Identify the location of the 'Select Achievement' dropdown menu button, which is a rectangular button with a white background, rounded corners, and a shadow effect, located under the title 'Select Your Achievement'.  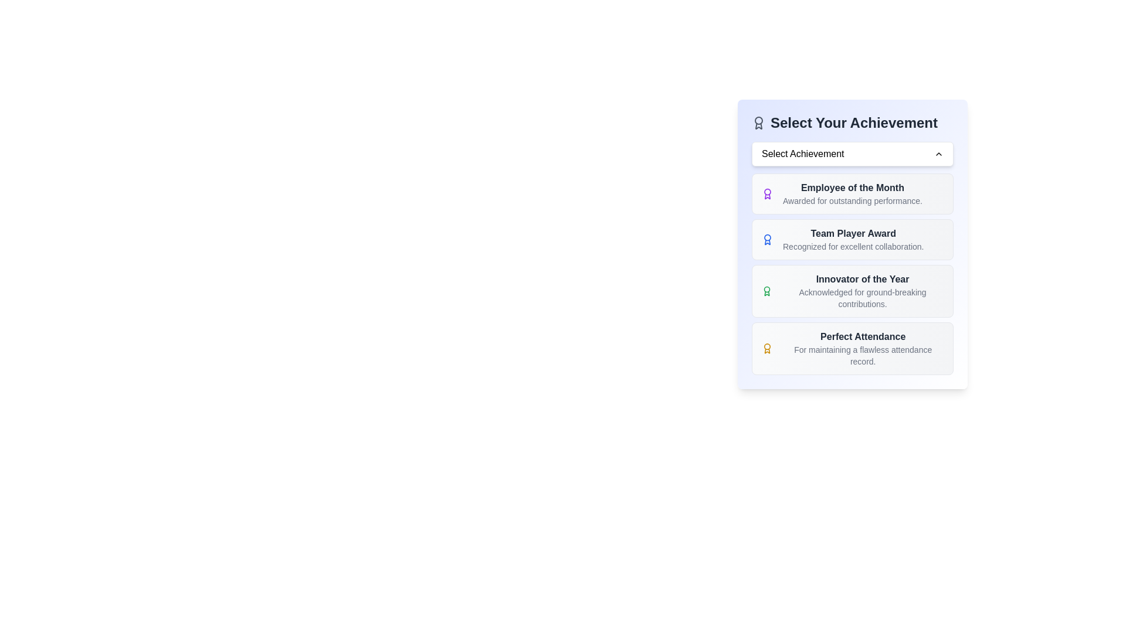
(853, 153).